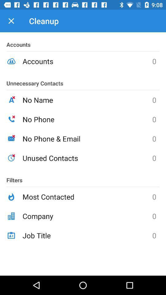 Image resolution: width=166 pixels, height=295 pixels. Describe the element at coordinates (87, 100) in the screenshot. I see `the item next to the 0` at that location.